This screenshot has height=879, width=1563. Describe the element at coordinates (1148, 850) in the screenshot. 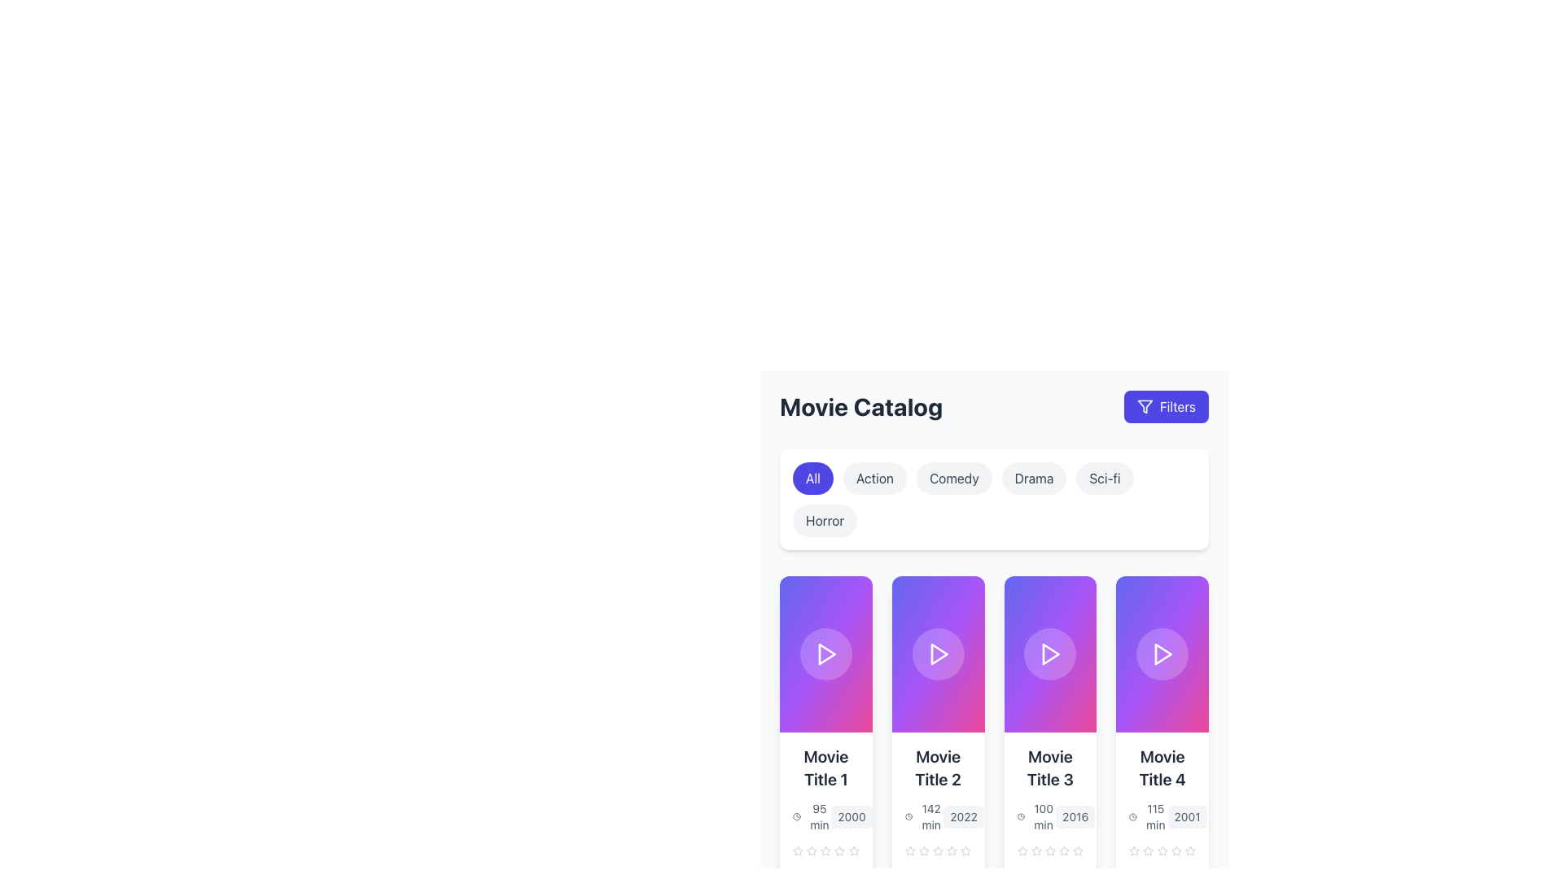

I see `the second star icon` at that location.